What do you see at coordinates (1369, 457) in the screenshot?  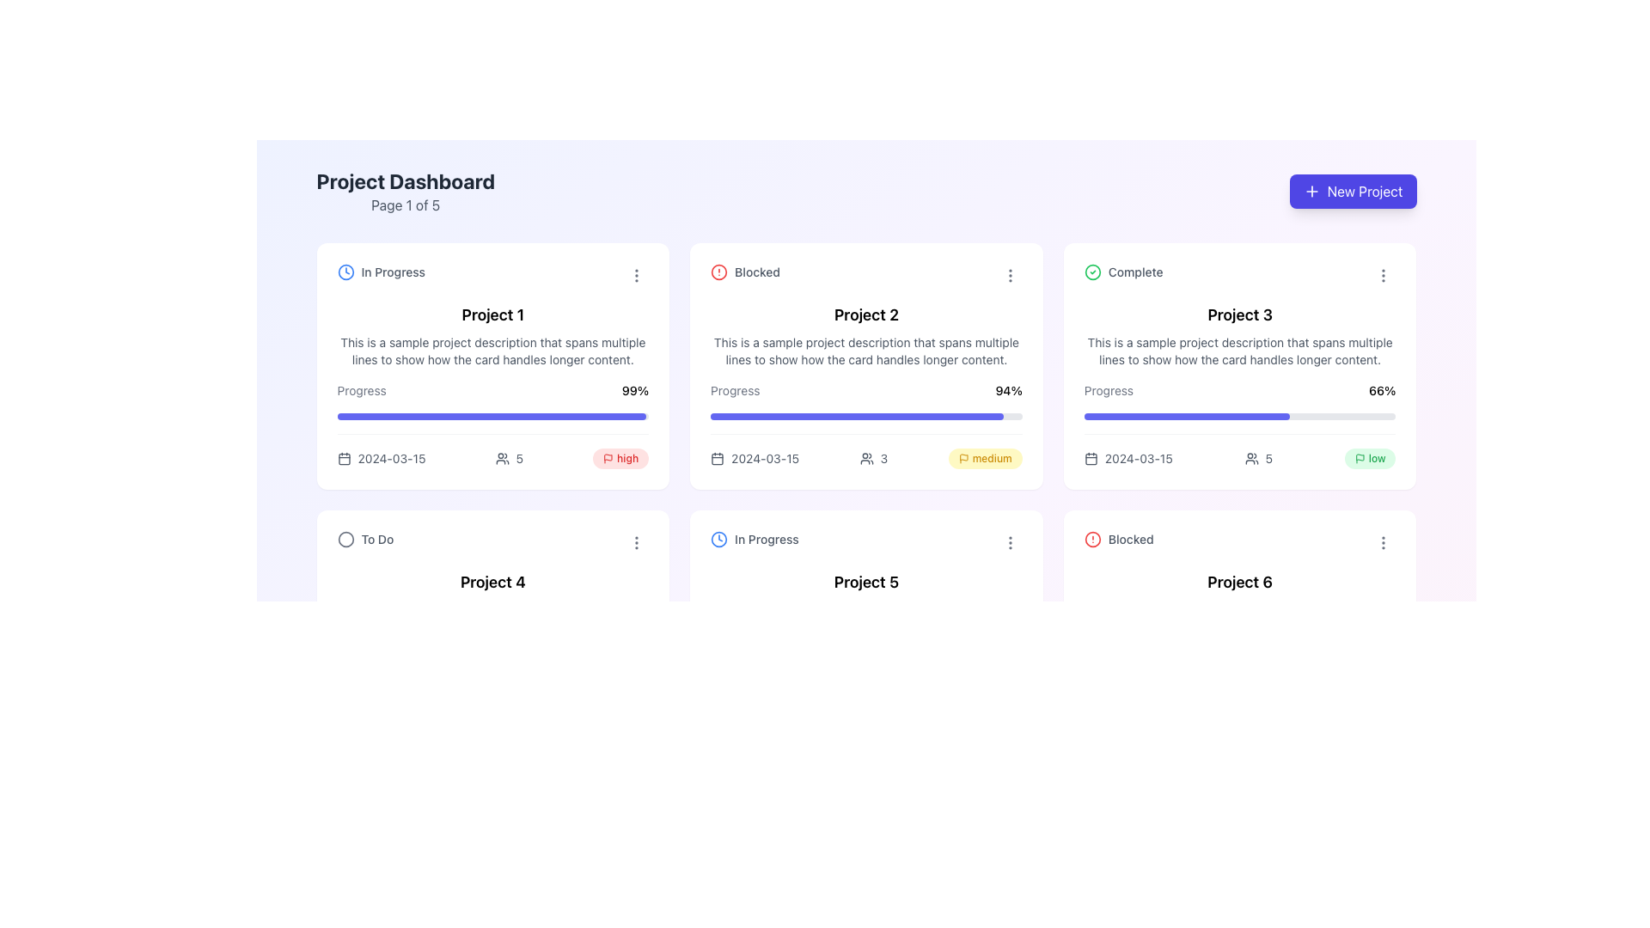 I see `the label styled in green with the text 'low' next to a small flag icon, located in the bottom-right corner of the 'Project 3' card, indicating the project's low priority status` at bounding box center [1369, 457].